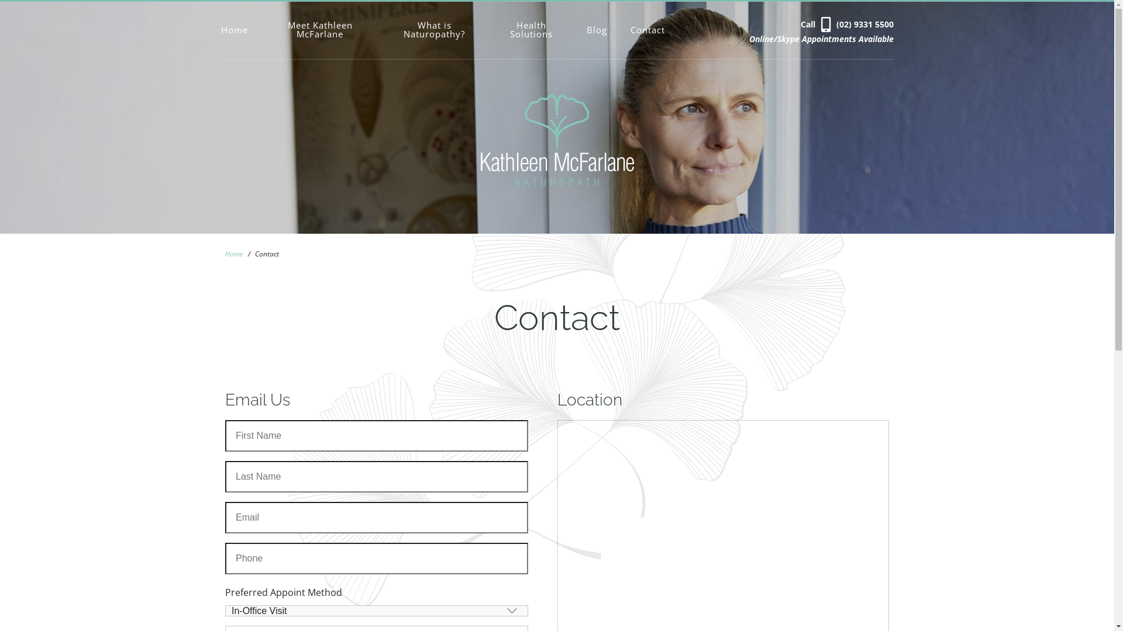  What do you see at coordinates (647, 29) in the screenshot?
I see `'Contact'` at bounding box center [647, 29].